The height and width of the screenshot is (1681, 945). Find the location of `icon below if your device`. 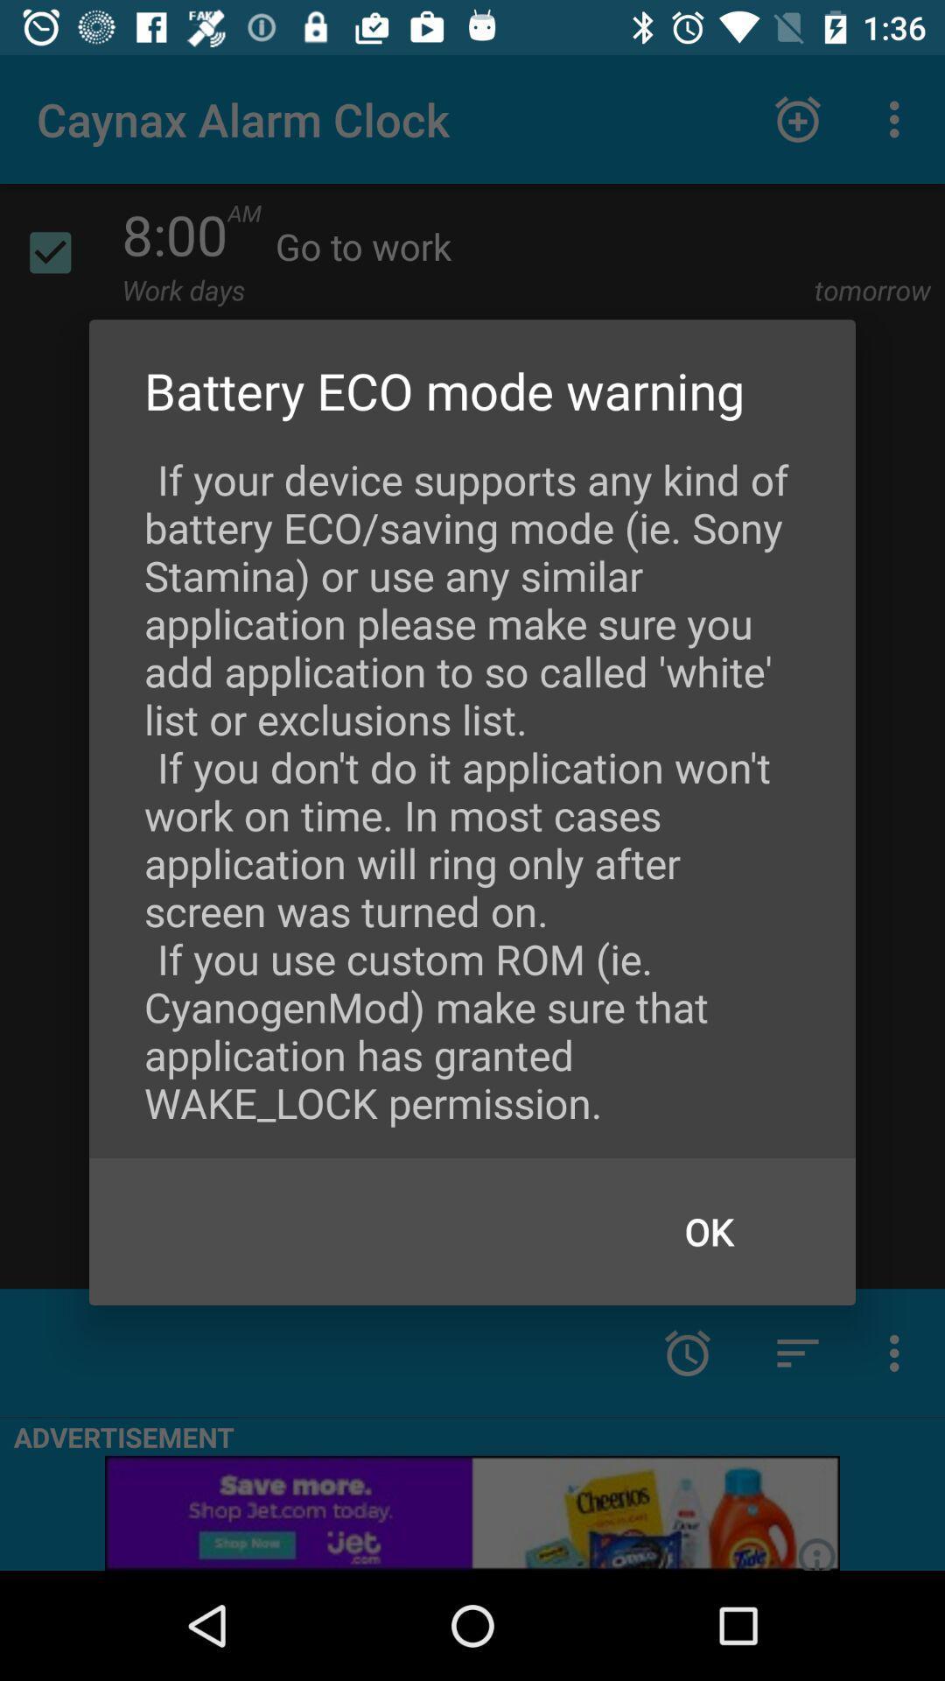

icon below if your device is located at coordinates (709, 1230).